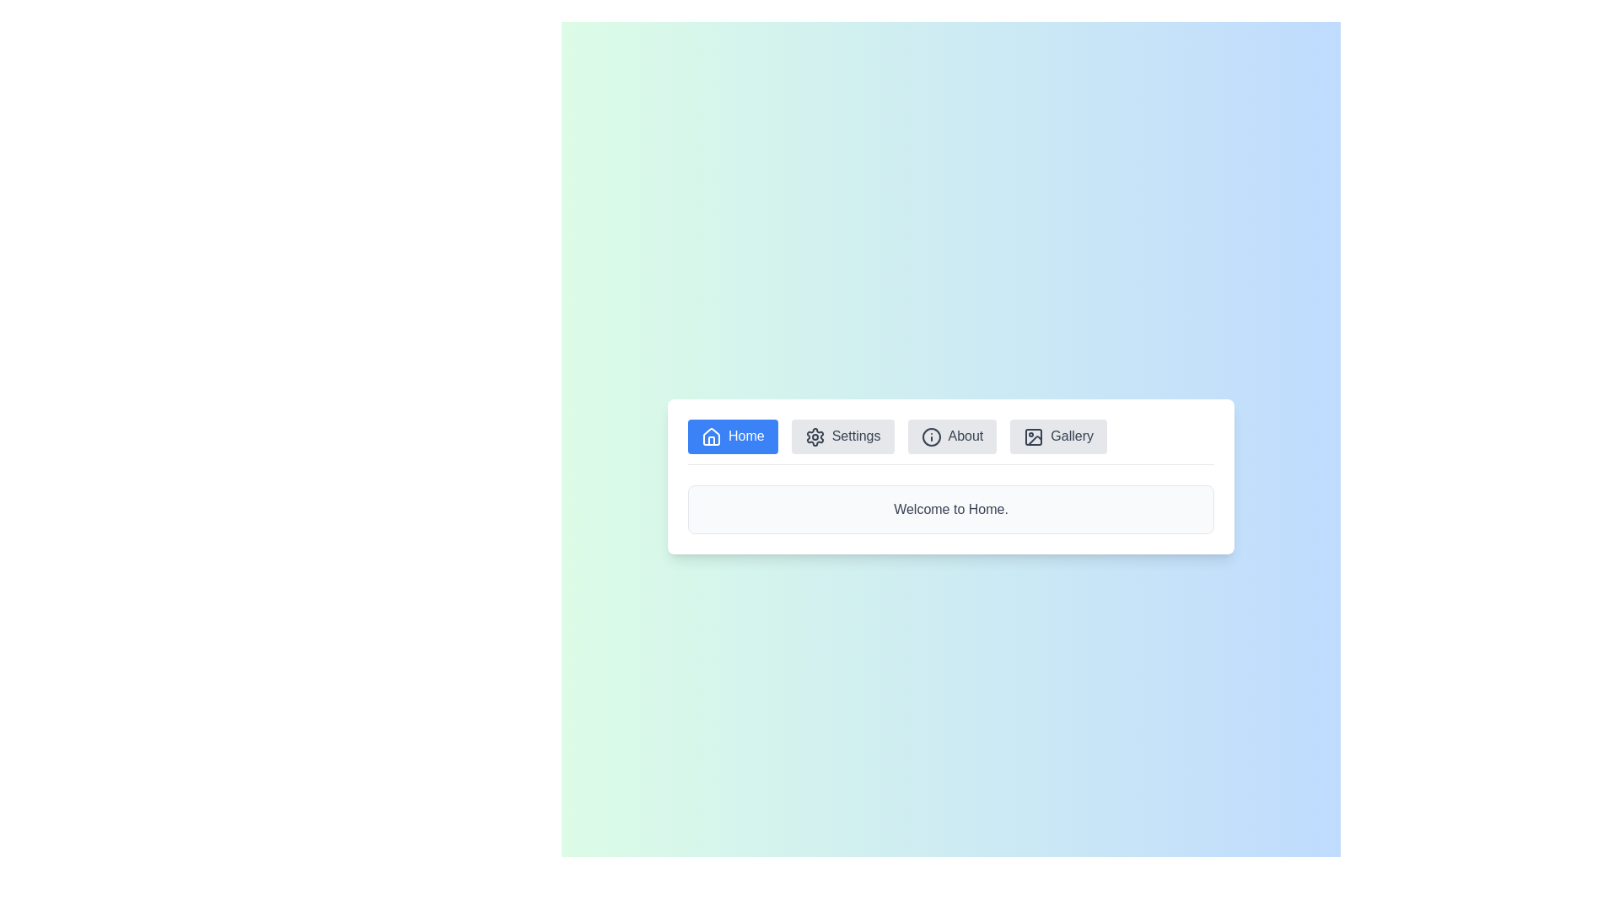  I want to click on the menu item button labeled Home to view its content, so click(733, 436).